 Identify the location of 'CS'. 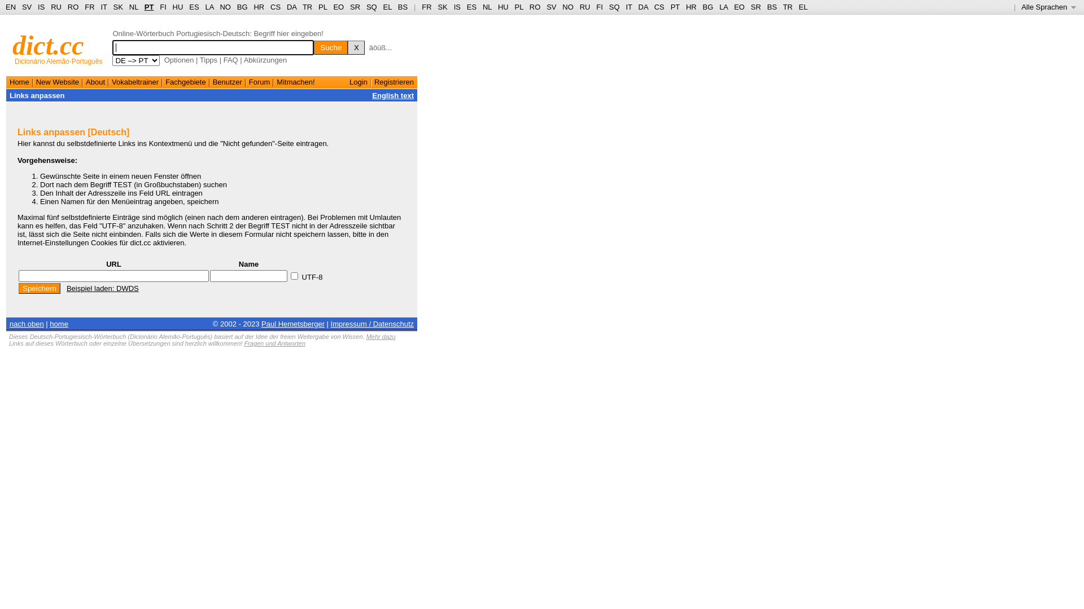
(659, 7).